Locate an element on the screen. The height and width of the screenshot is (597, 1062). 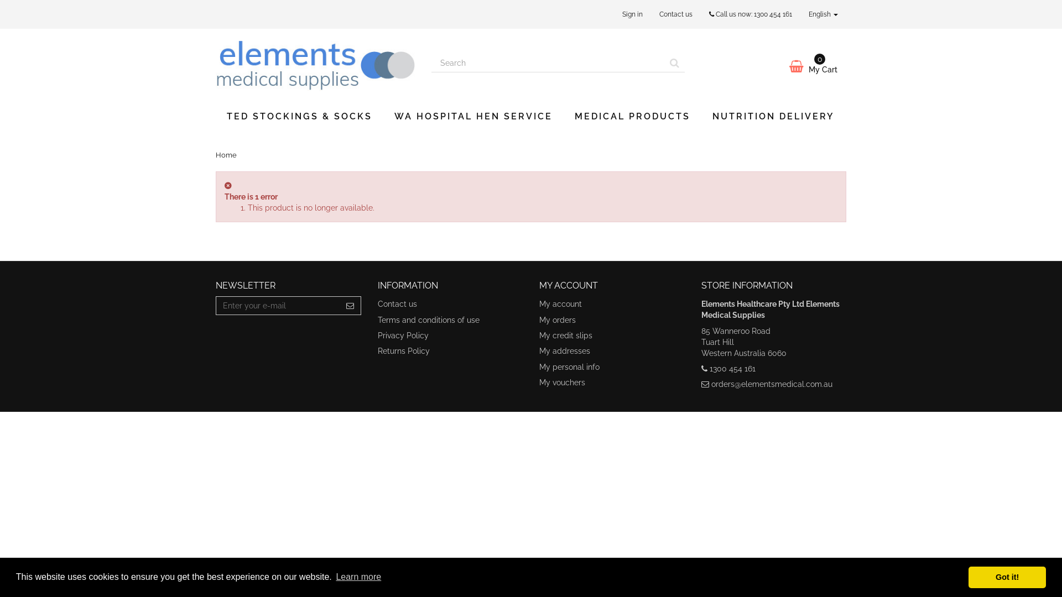
'Got it!' is located at coordinates (1007, 577).